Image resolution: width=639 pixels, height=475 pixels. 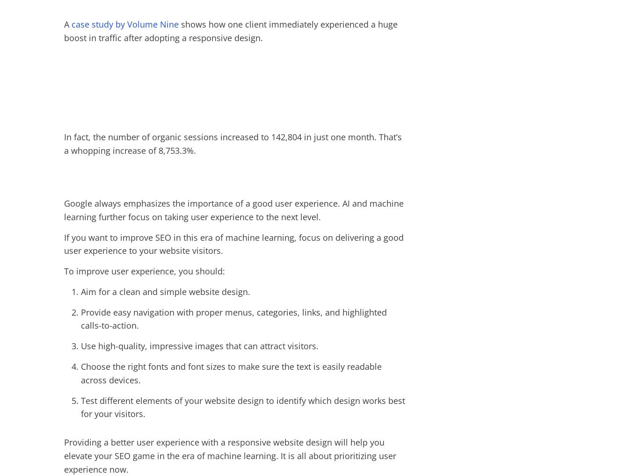 I want to click on 'shows how one client immediately experienced a huge boost in traffic after adopting a responsive design.', so click(x=231, y=31).